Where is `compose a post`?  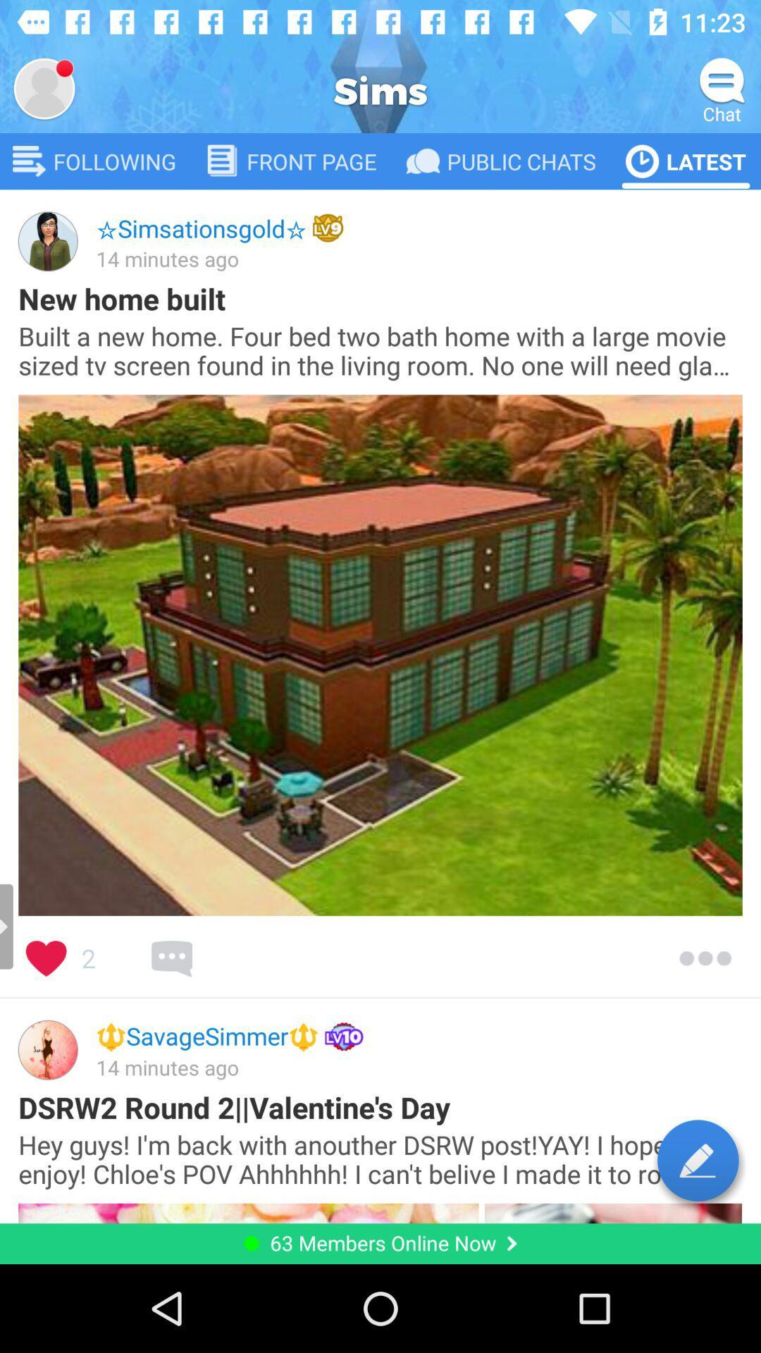
compose a post is located at coordinates (698, 1160).